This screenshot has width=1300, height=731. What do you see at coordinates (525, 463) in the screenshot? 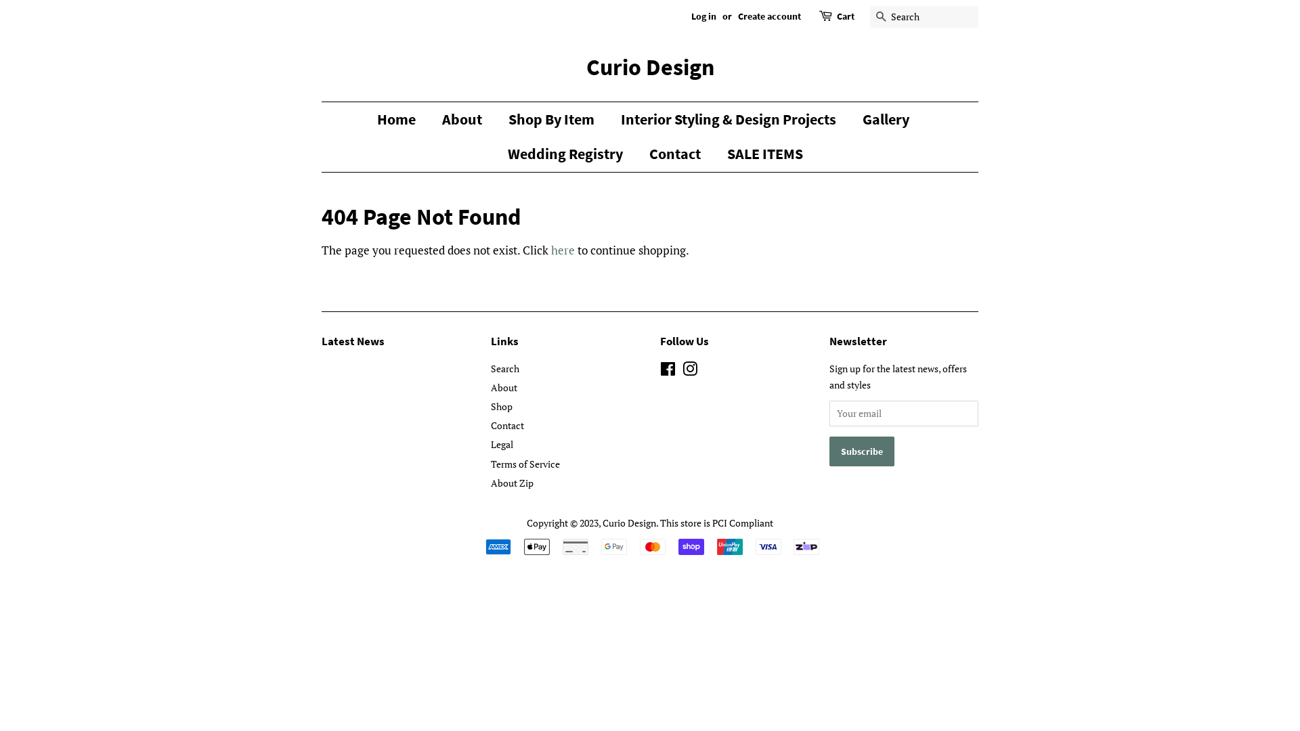
I see `'Terms of Service'` at bounding box center [525, 463].